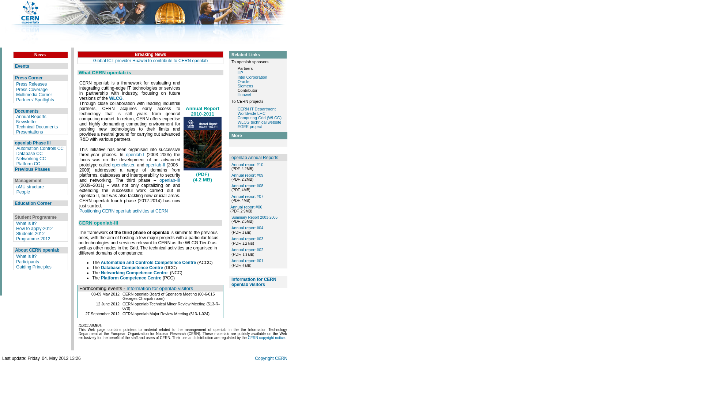 This screenshot has width=702, height=395. What do you see at coordinates (31, 116) in the screenshot?
I see `'Annual Reports'` at bounding box center [31, 116].